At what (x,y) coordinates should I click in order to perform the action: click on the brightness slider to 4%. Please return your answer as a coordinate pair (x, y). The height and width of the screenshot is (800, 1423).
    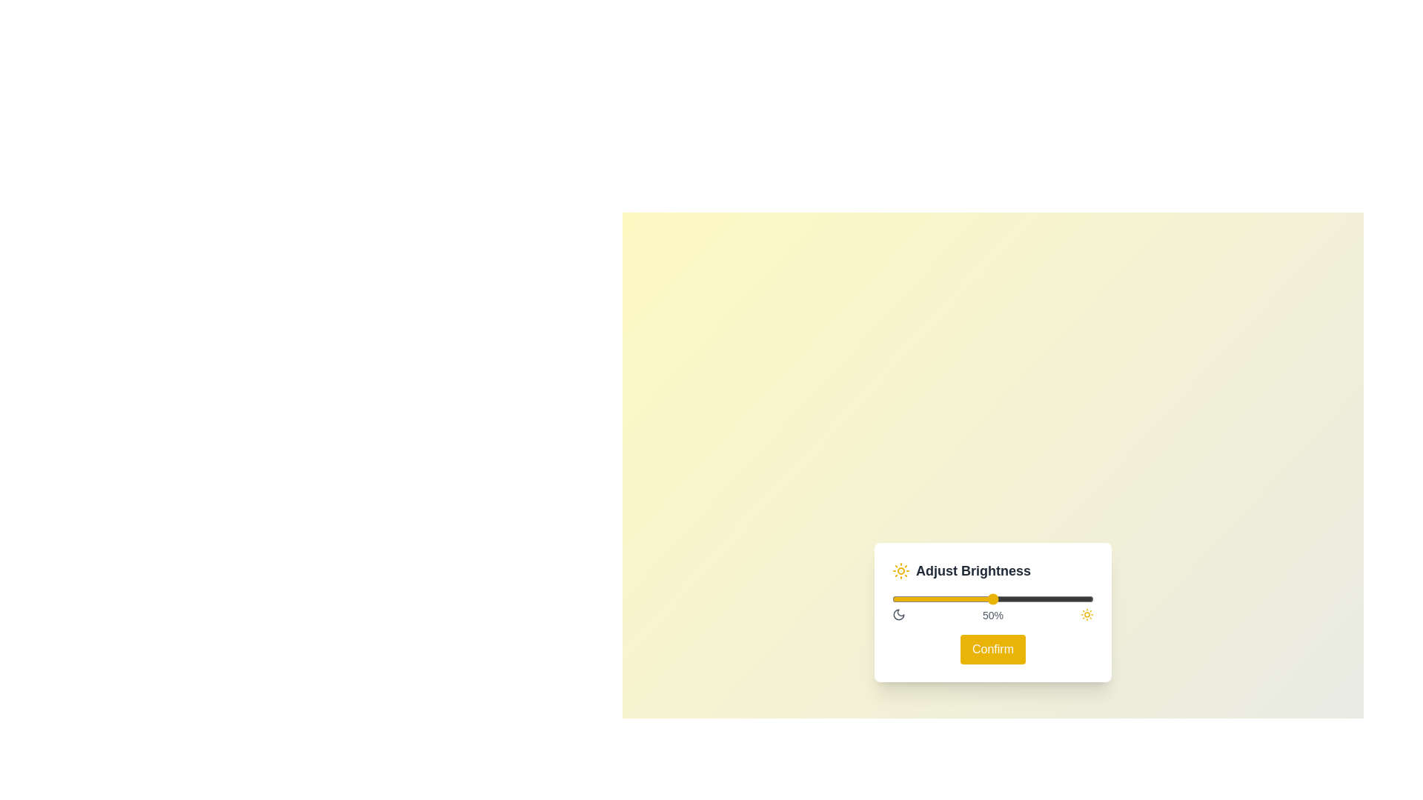
    Looking at the image, I should click on (899, 593).